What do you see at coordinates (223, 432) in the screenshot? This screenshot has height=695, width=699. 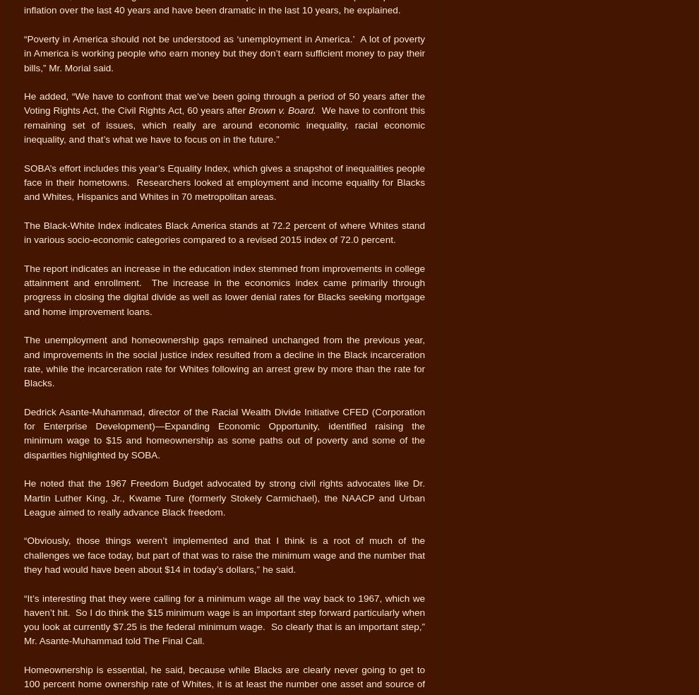 I see `'Dedrick Asante-Muhammad, director of the Racial Wealth Divide Initiative CFED (Corporation for Enterprise Development)—Expanding Economic Opportunity, identified raising the minimum wage to $15 and homeownership as some paths out of poverty and some of the disparities highlighted by SOBA.'` at bounding box center [223, 432].